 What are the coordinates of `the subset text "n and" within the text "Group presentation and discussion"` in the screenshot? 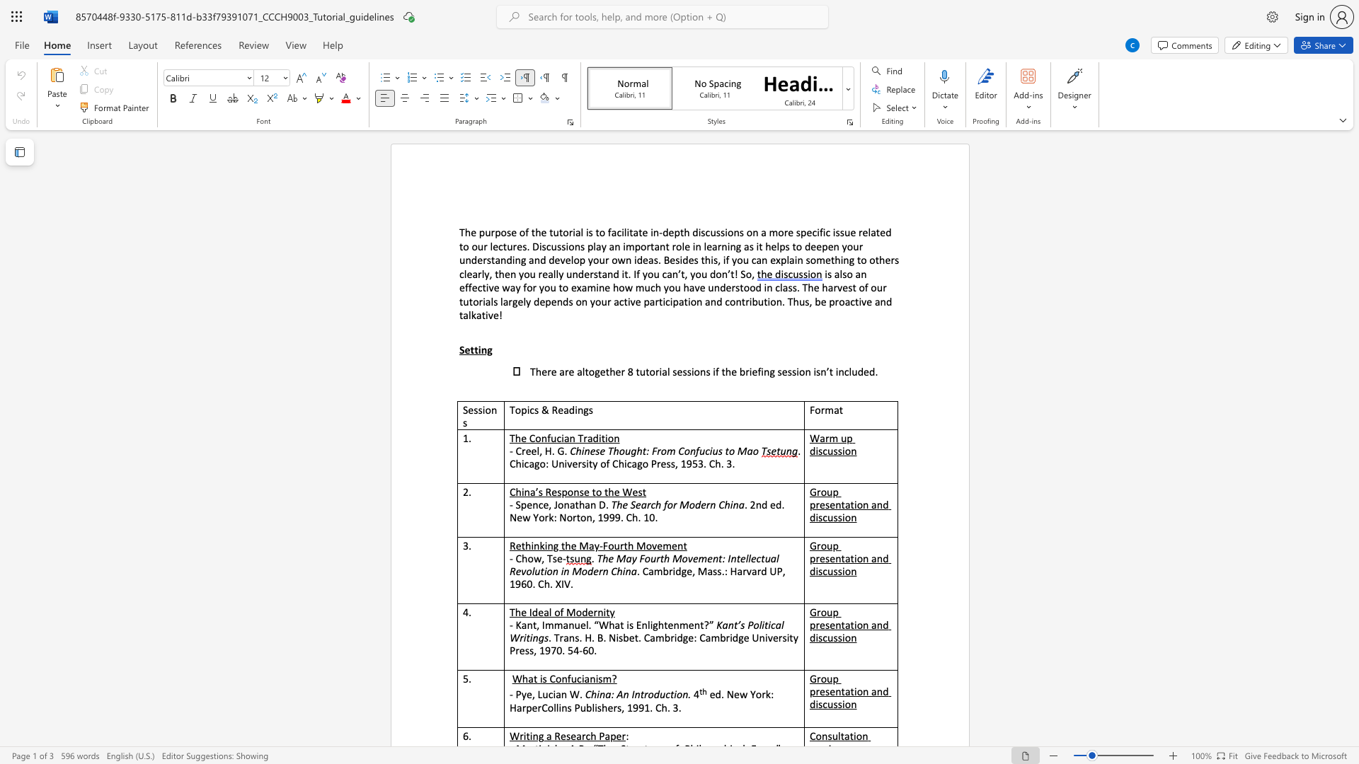 It's located at (862, 557).